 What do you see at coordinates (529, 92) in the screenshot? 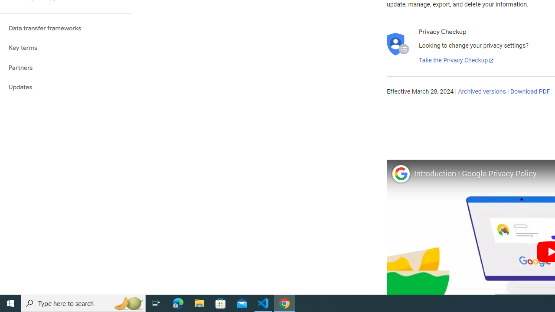
I see `'Download PDF'` at bounding box center [529, 92].